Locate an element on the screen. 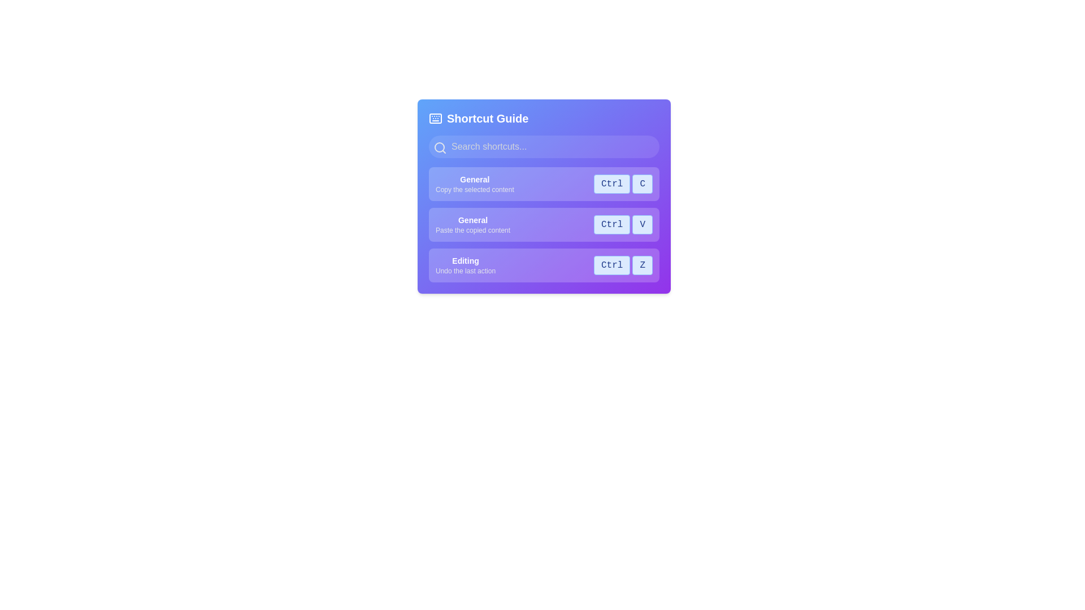 This screenshot has height=610, width=1085. the 'Ctrl' button displayed in the shortcut command for 'Undo the last action' in the shortcut guide interface, which is the third item in the list is located at coordinates (544, 265).